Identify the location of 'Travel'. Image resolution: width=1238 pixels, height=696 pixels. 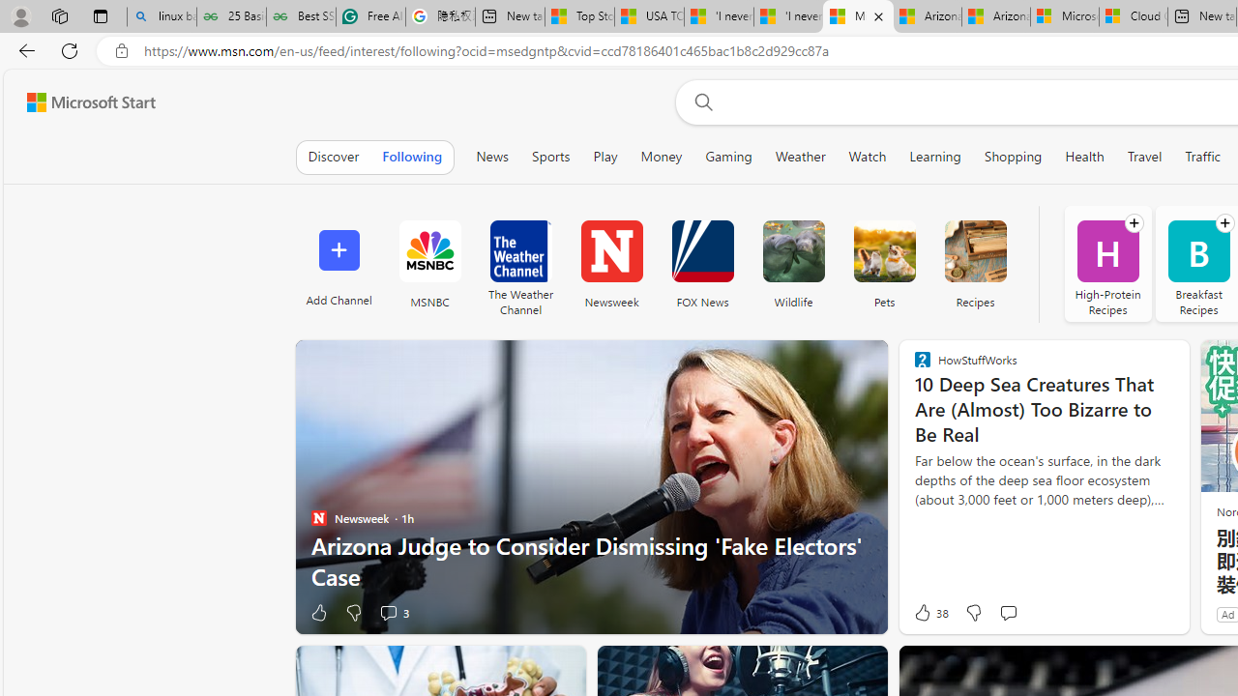
(1145, 156).